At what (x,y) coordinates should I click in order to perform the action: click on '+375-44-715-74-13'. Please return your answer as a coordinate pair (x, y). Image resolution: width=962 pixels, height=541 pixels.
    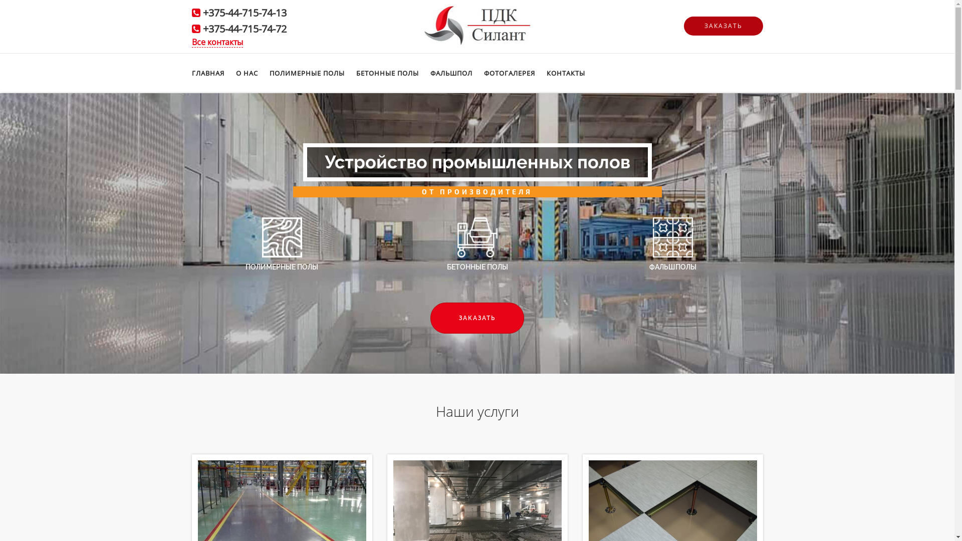
    Looking at the image, I should click on (244, 13).